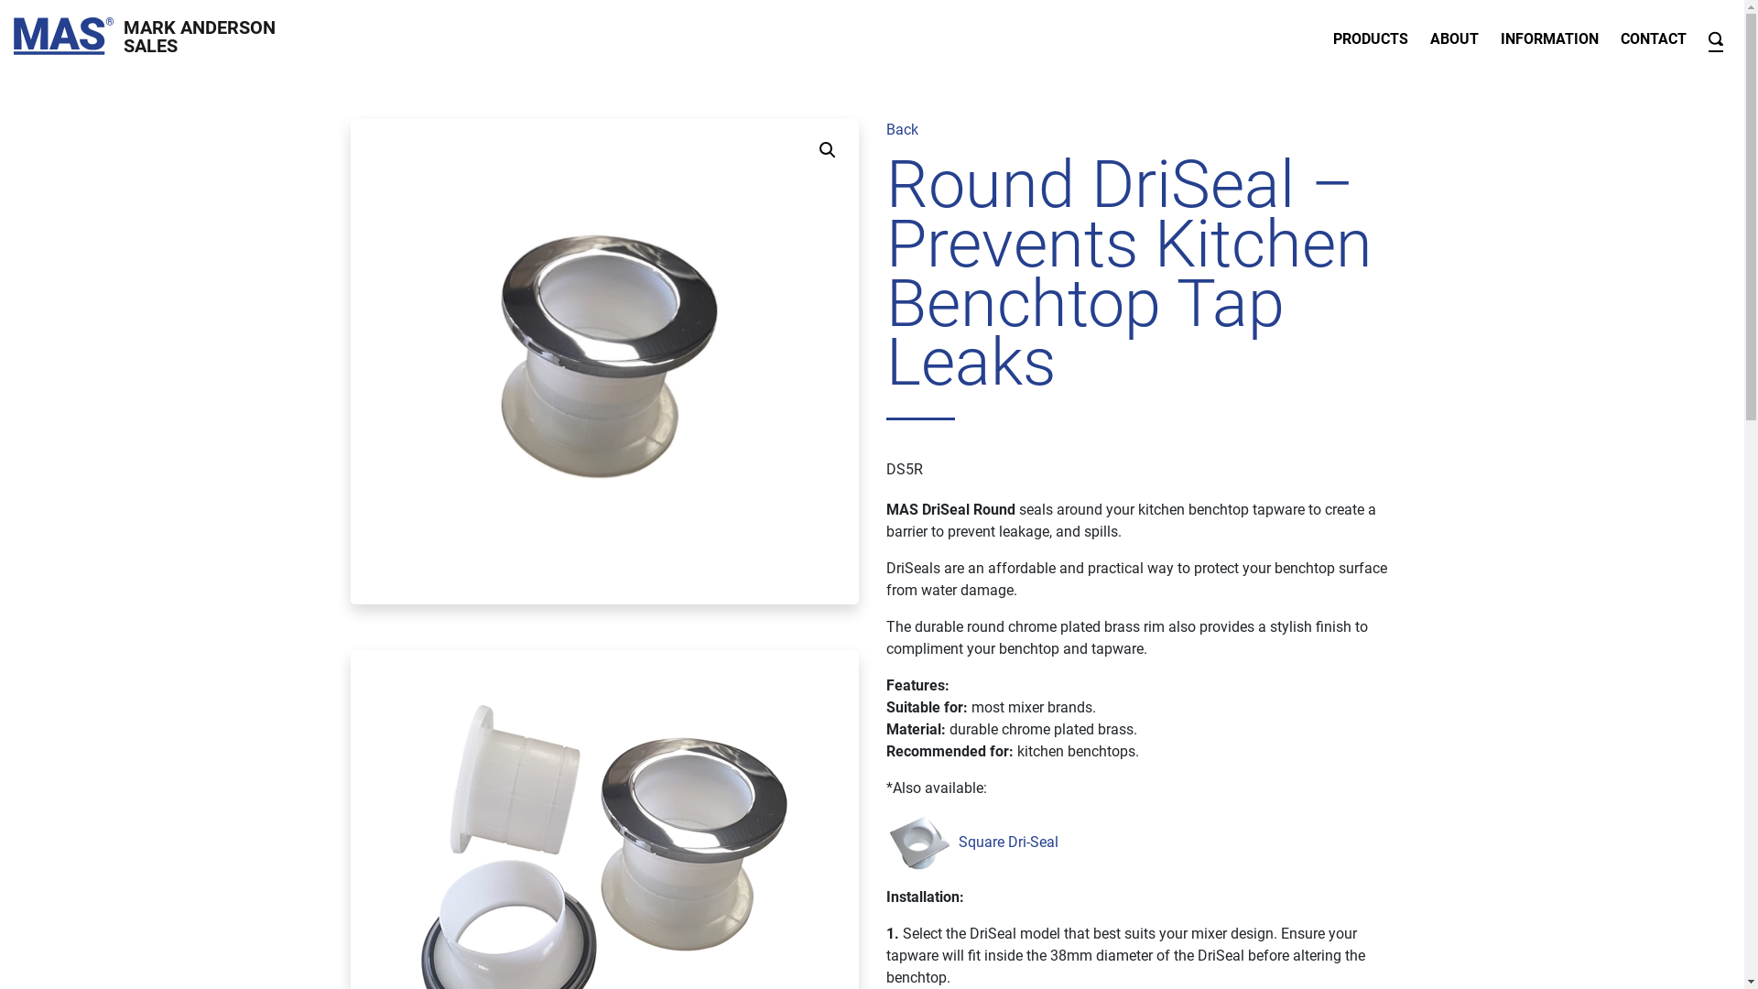 This screenshot has height=989, width=1758. What do you see at coordinates (902, 128) in the screenshot?
I see `'Back'` at bounding box center [902, 128].